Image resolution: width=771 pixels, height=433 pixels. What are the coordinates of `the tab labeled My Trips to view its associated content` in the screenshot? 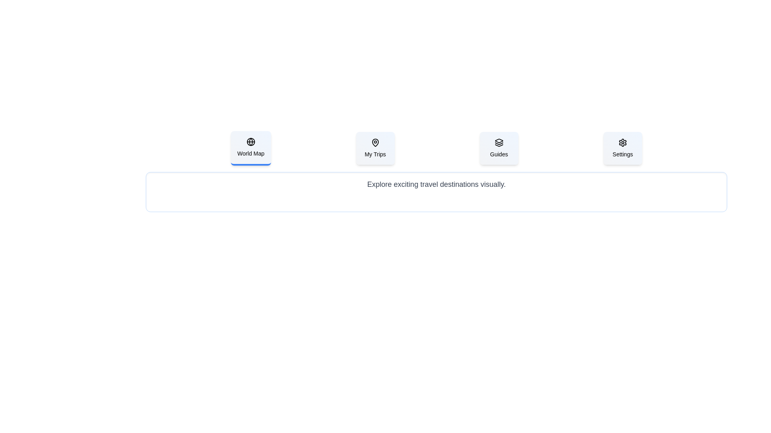 It's located at (375, 148).